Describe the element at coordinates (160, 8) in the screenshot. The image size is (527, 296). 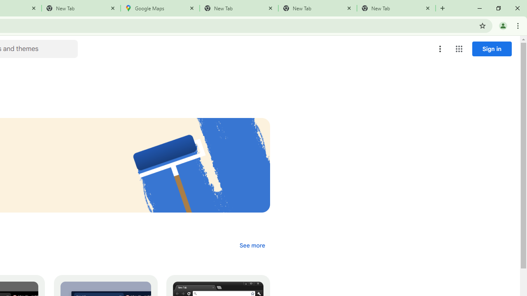
I see `'Google Maps'` at that location.